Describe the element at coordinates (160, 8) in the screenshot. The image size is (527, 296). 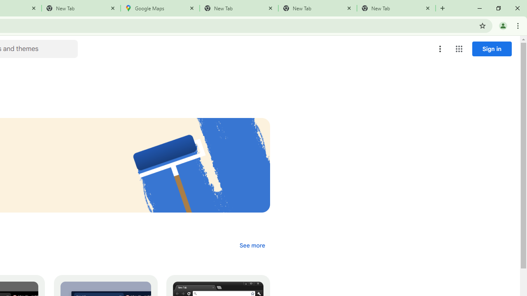
I see `'Google Maps'` at that location.